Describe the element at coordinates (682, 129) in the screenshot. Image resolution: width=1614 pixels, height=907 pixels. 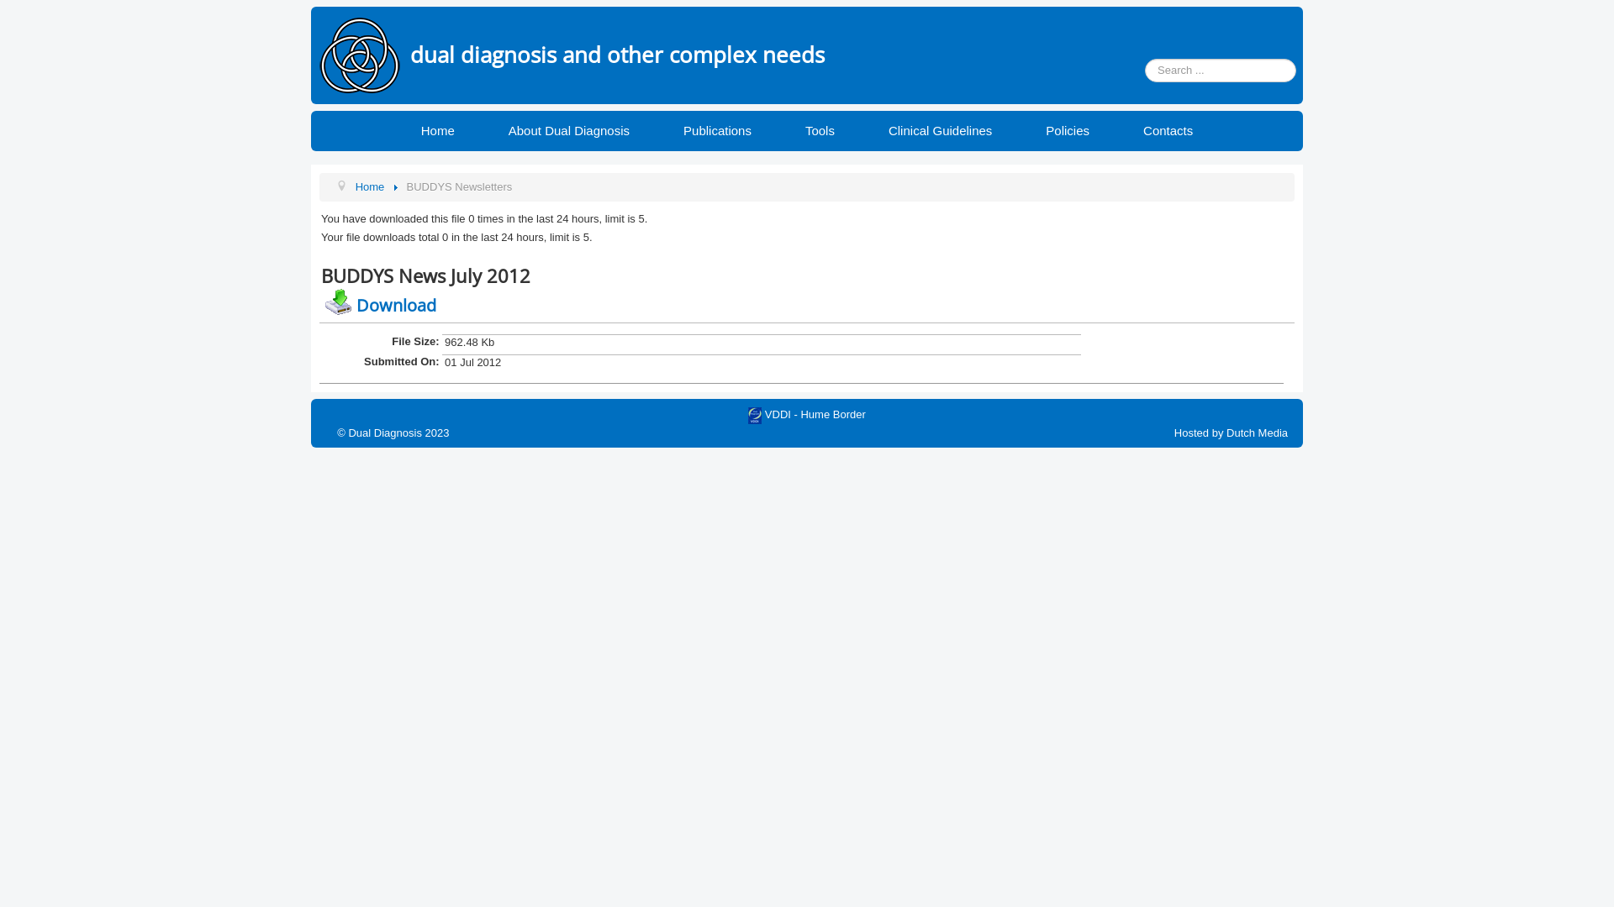
I see `'Publications'` at that location.